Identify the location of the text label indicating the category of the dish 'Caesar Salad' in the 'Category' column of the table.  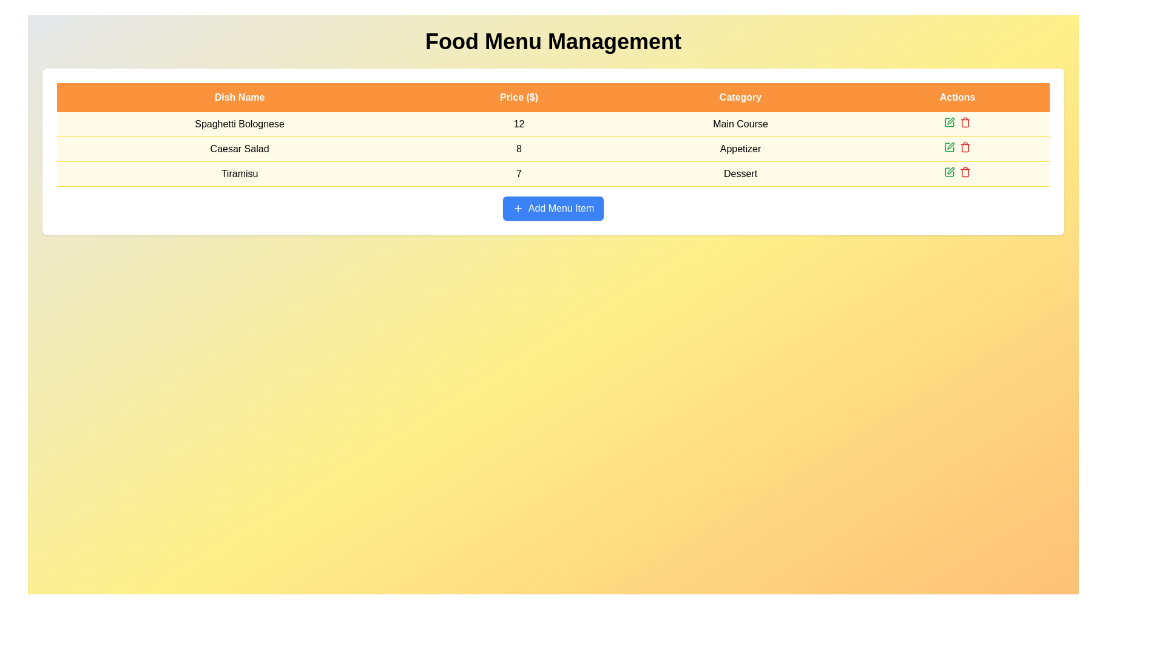
(740, 149).